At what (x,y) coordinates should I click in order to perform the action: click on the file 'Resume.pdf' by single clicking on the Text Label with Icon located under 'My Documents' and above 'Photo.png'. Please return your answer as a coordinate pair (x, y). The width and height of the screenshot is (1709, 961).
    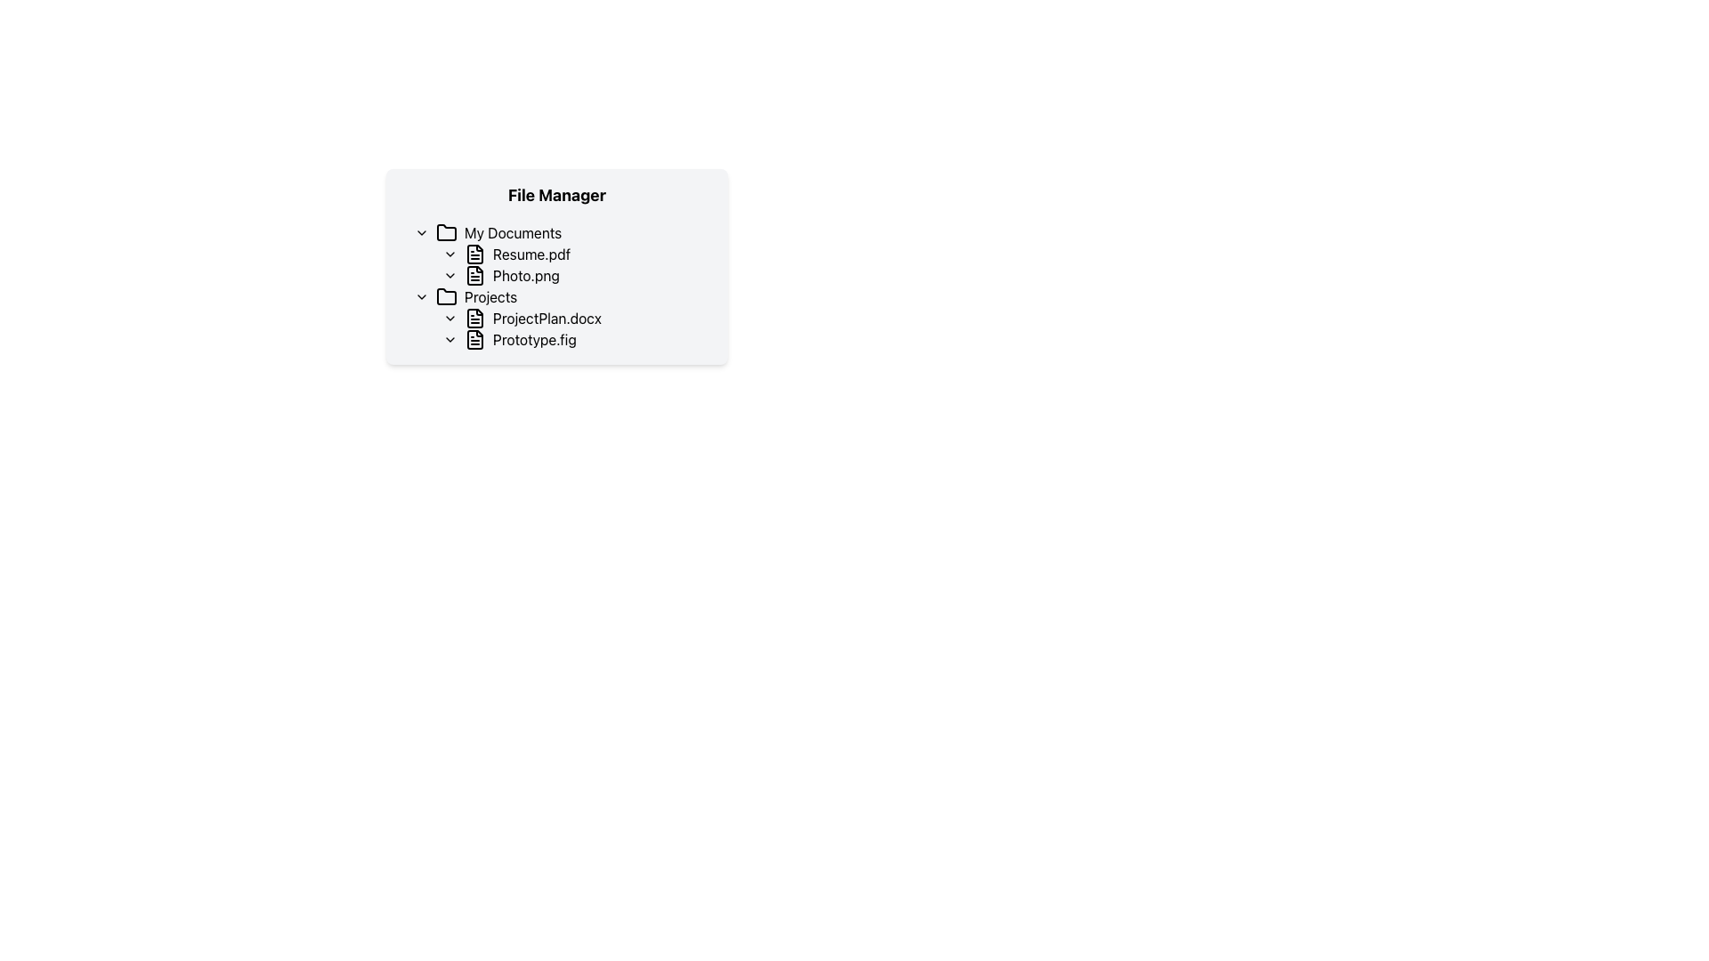
    Looking at the image, I should click on (516, 254).